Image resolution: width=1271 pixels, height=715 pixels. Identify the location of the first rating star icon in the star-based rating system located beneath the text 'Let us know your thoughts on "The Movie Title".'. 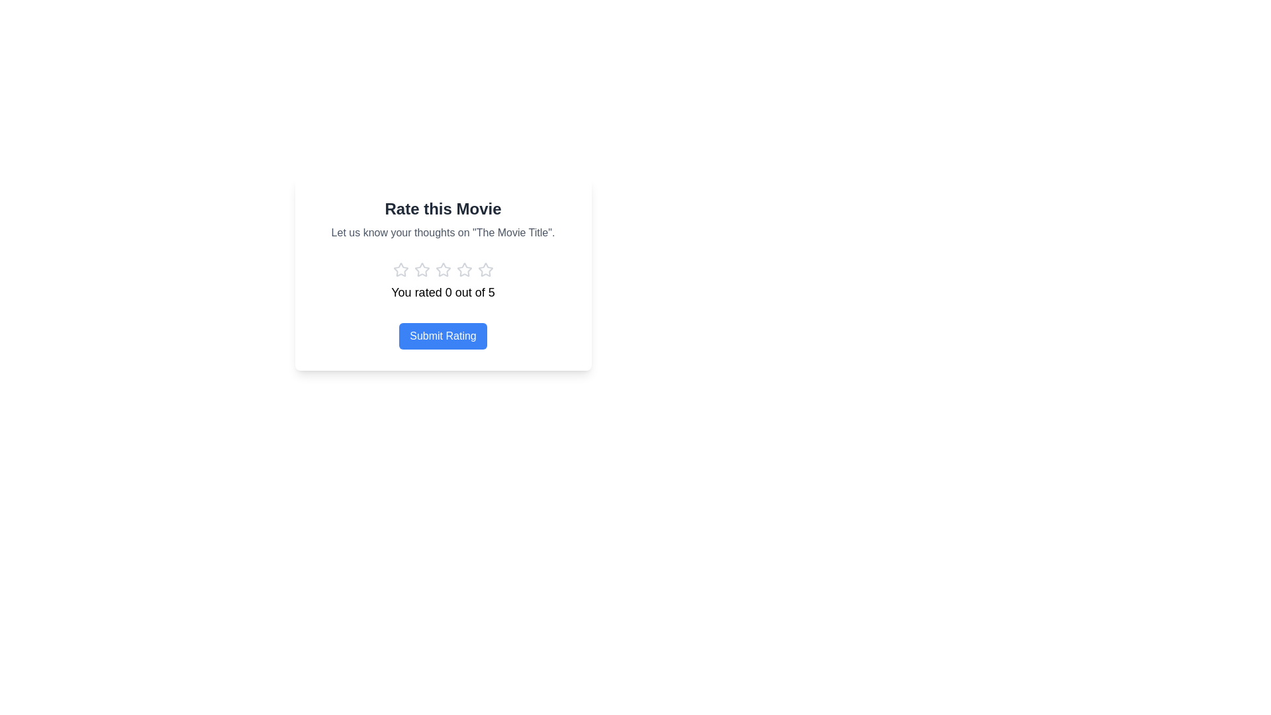
(400, 269).